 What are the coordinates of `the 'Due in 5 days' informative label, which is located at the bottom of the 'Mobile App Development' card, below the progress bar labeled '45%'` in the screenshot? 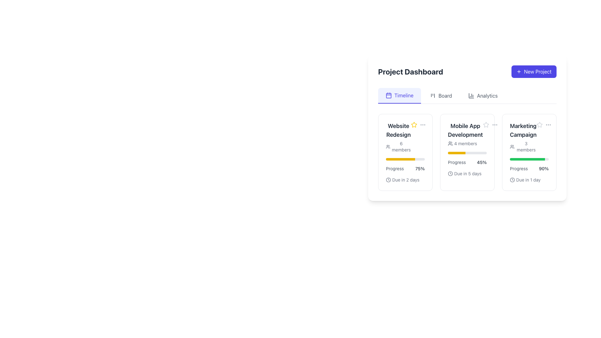 It's located at (467, 174).